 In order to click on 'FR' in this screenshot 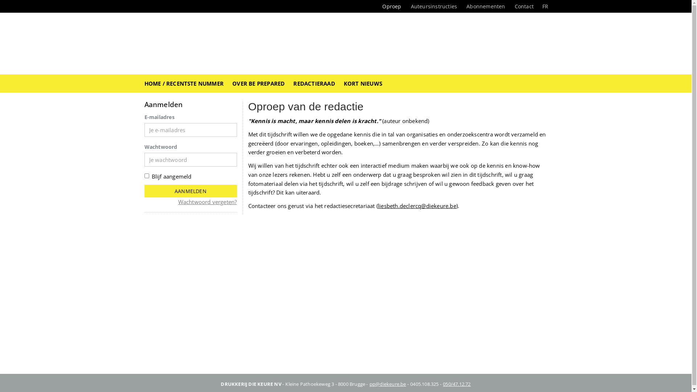, I will do `click(538, 6)`.